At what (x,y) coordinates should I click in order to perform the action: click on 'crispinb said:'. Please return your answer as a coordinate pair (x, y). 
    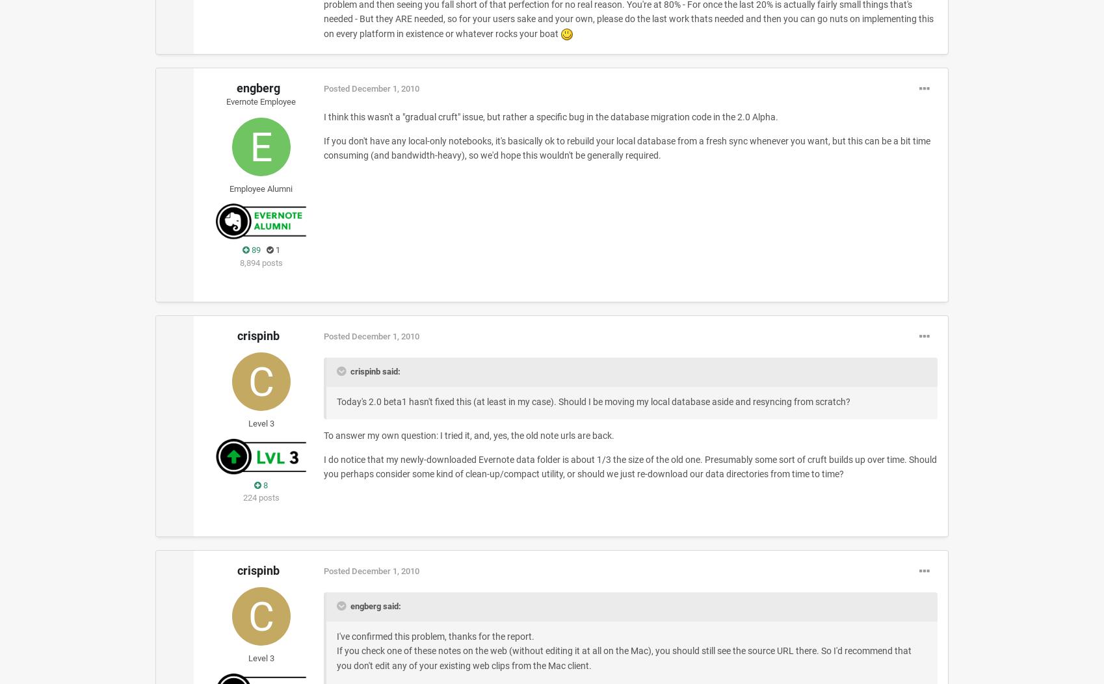
    Looking at the image, I should click on (373, 371).